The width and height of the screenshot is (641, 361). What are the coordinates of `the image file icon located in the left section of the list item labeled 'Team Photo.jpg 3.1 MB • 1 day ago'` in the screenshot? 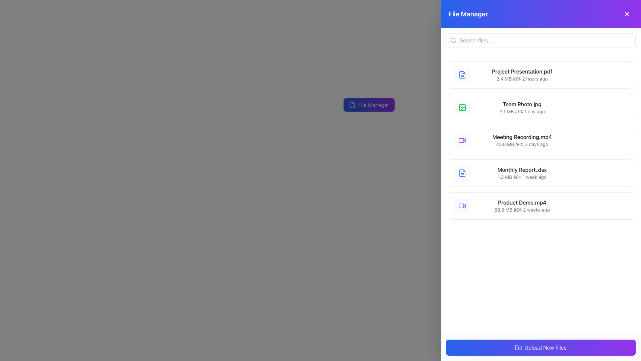 It's located at (462, 107).